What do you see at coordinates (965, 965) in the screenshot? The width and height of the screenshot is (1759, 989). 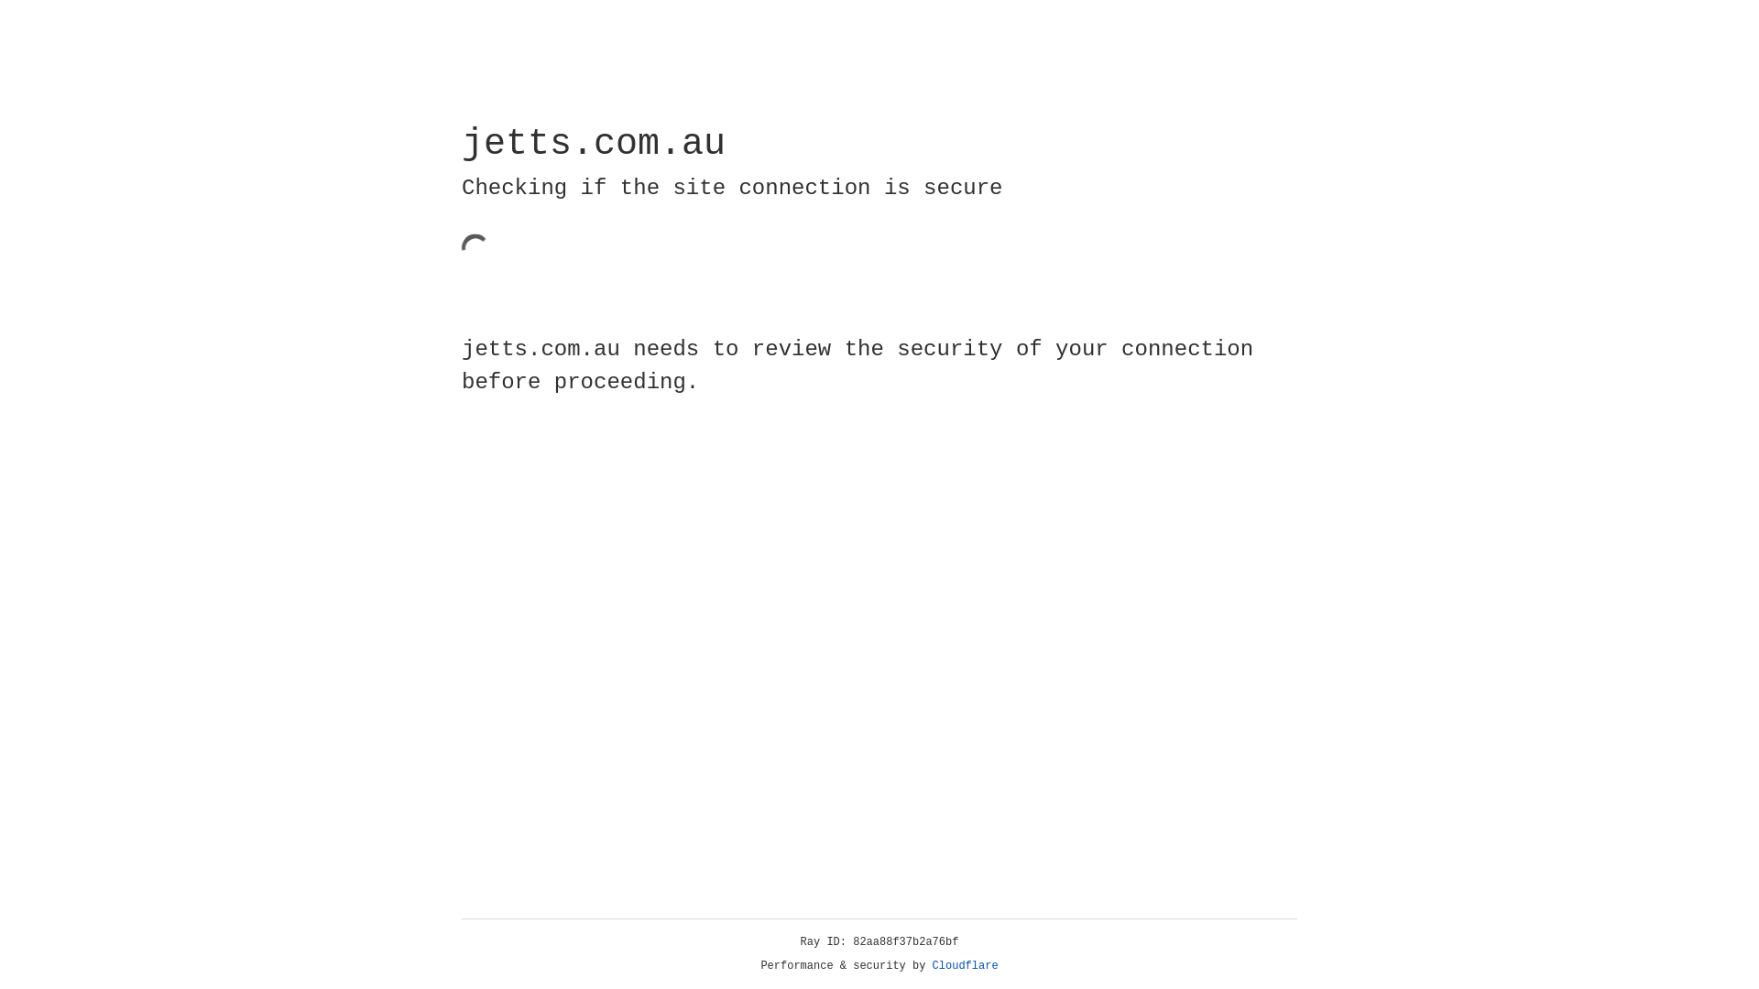 I see `'Cloudflare'` at bounding box center [965, 965].